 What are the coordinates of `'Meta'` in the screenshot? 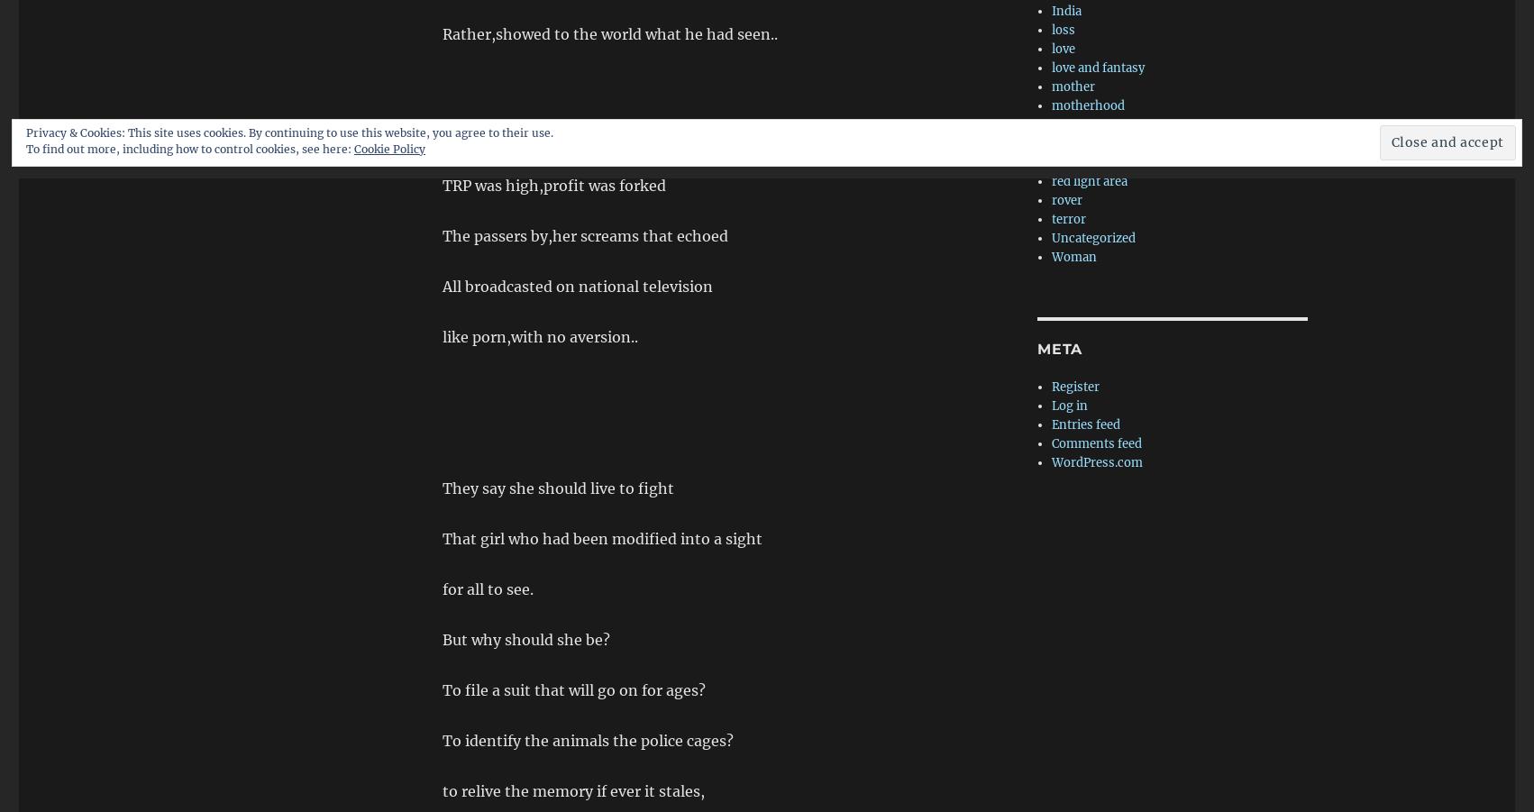 It's located at (1060, 348).